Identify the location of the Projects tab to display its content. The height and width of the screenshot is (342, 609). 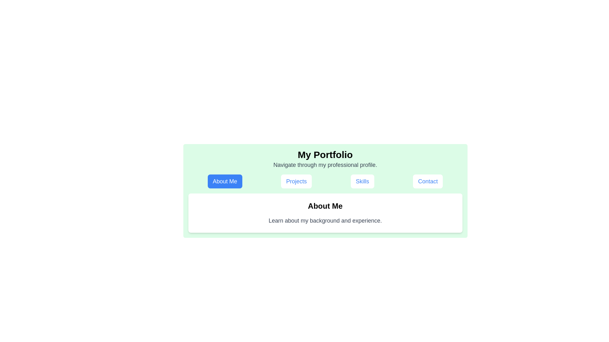
(296, 181).